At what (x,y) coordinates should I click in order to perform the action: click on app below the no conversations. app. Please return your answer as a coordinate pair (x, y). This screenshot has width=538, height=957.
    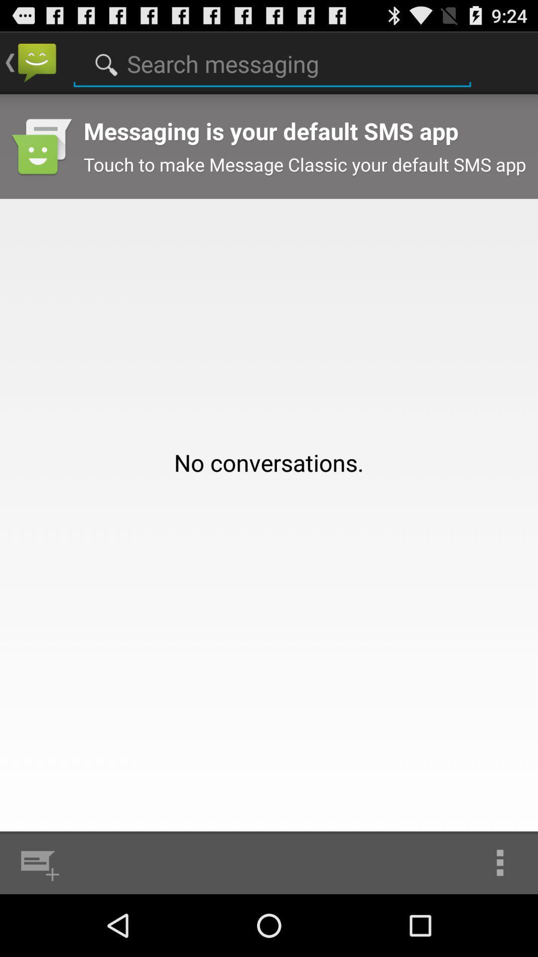
    Looking at the image, I should click on (500, 862).